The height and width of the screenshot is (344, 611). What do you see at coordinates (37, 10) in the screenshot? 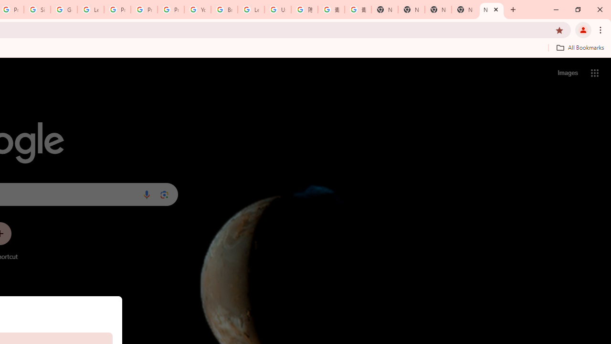
I see `'Sign in - Google Accounts'` at bounding box center [37, 10].